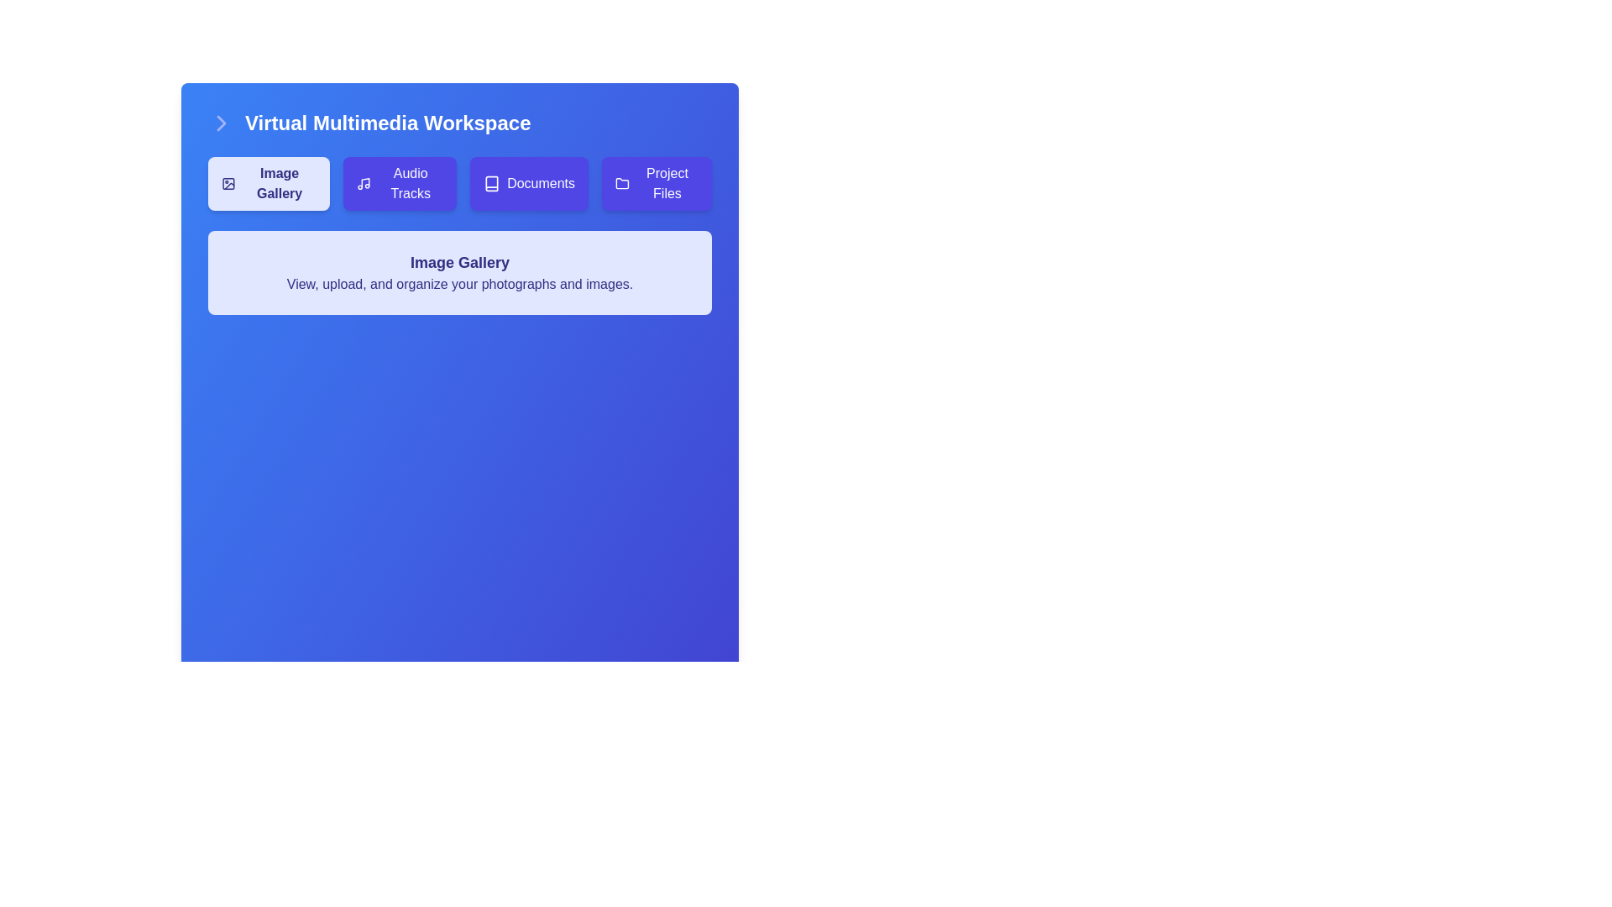  What do you see at coordinates (621, 183) in the screenshot?
I see `the simplified folder icon outline located in the top-right section of the interface` at bounding box center [621, 183].